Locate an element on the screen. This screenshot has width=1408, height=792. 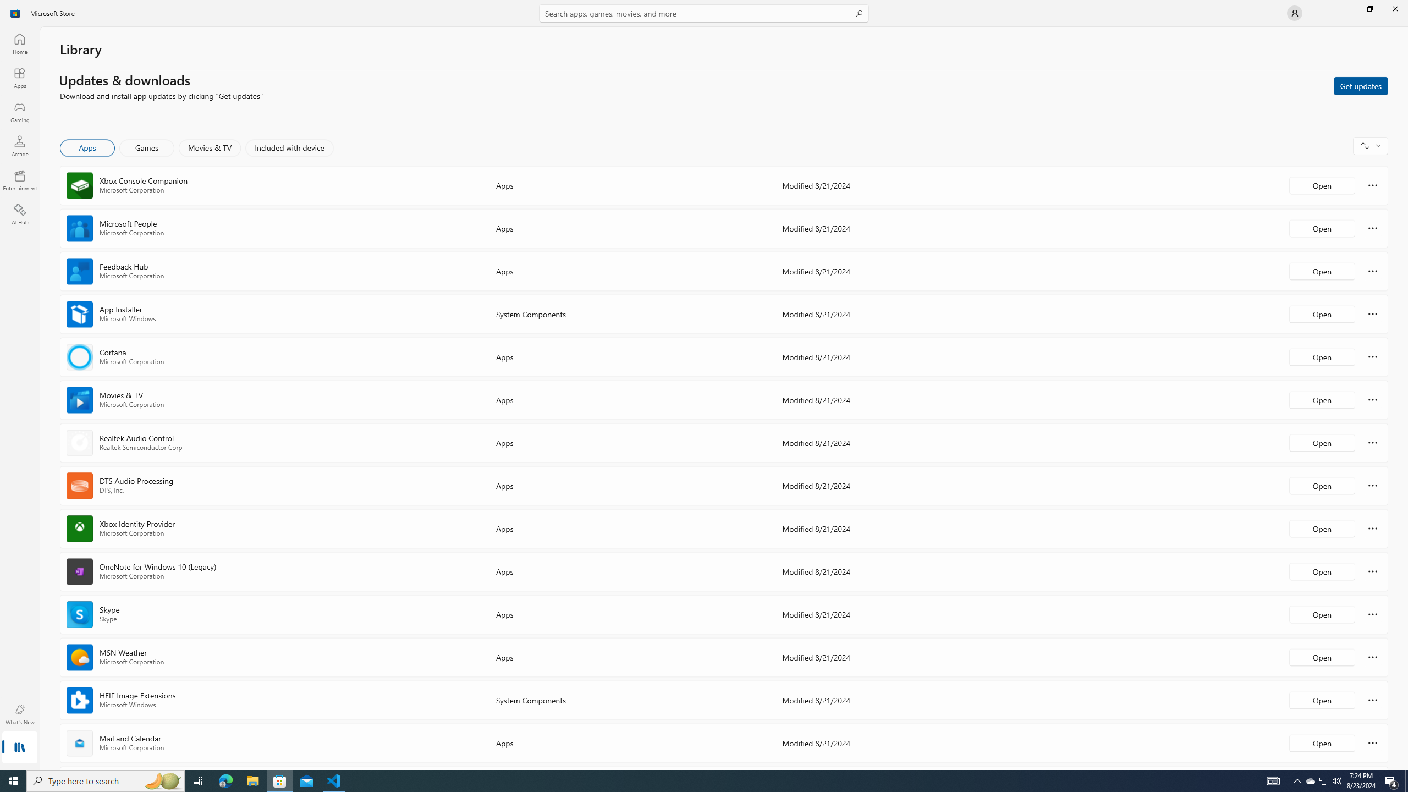
'User profile' is located at coordinates (1294, 12).